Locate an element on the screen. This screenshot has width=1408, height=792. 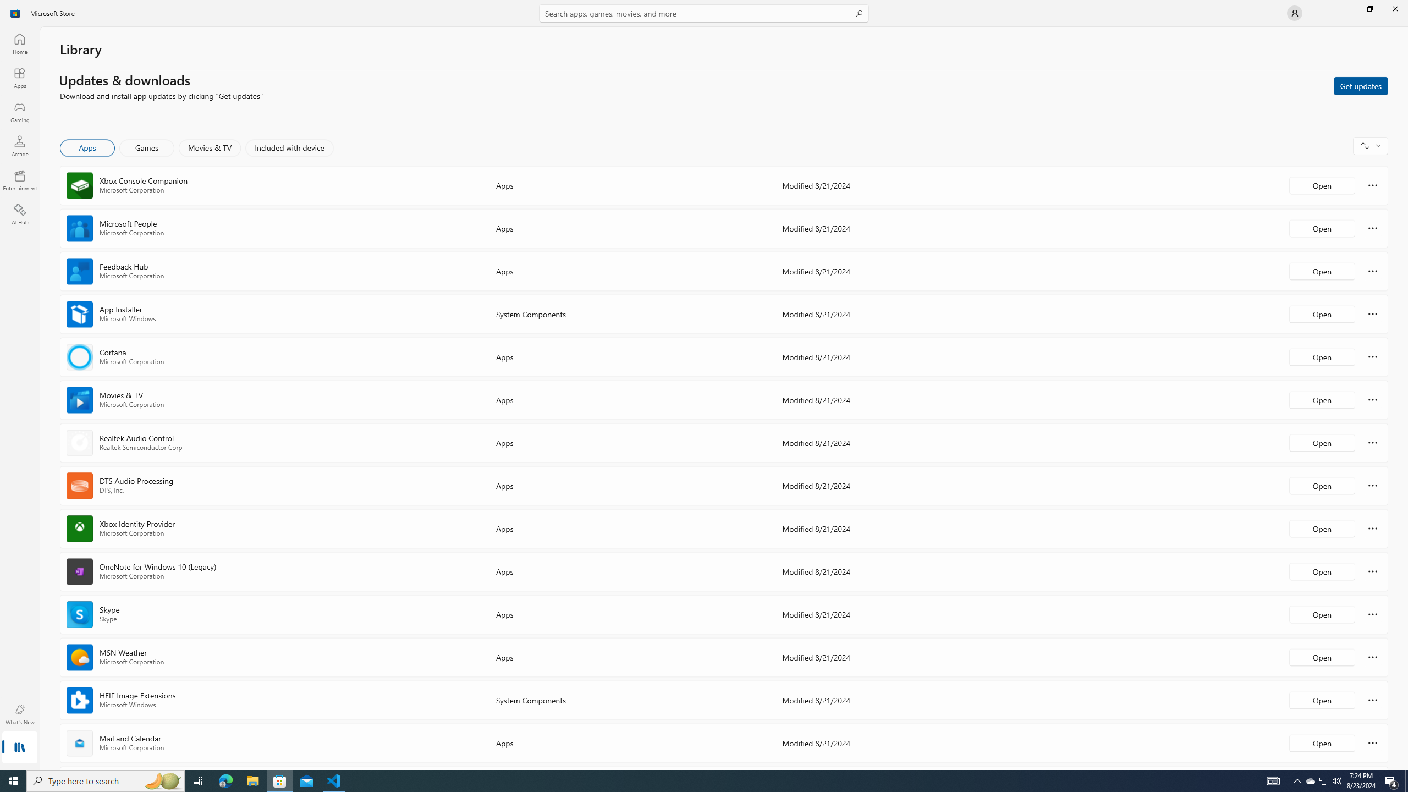
'User profile' is located at coordinates (1294, 12).